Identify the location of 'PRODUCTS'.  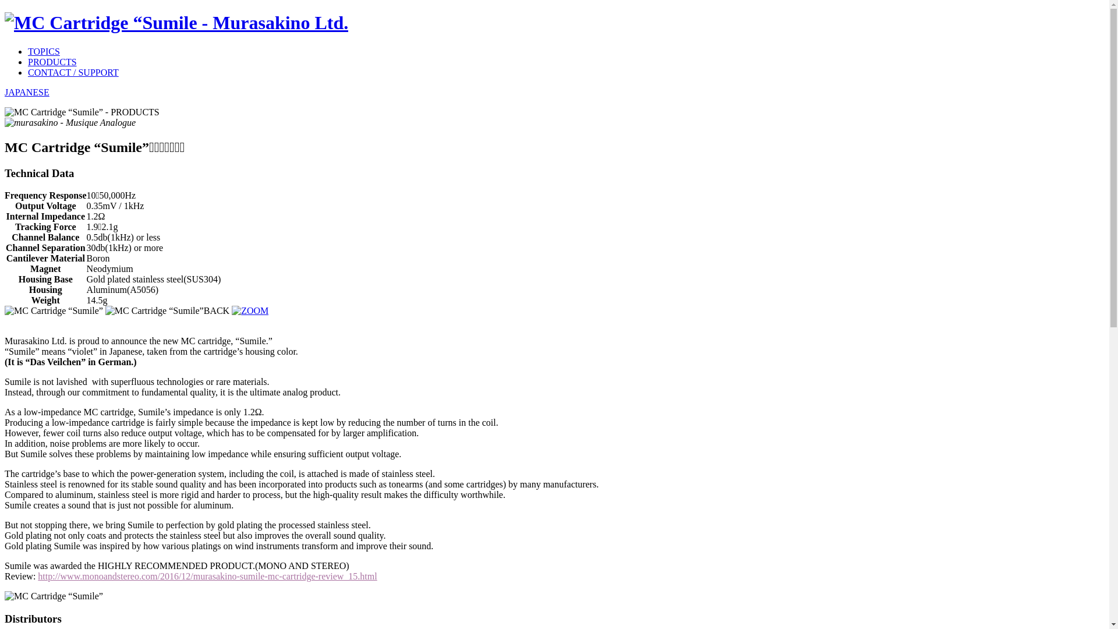
(52, 62).